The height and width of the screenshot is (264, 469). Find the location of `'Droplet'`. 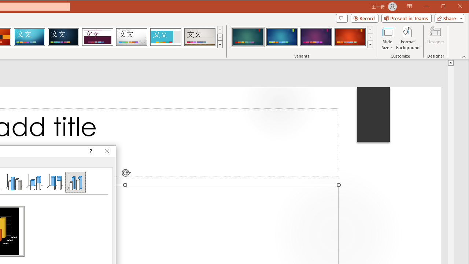

'Droplet' is located at coordinates (132, 37).